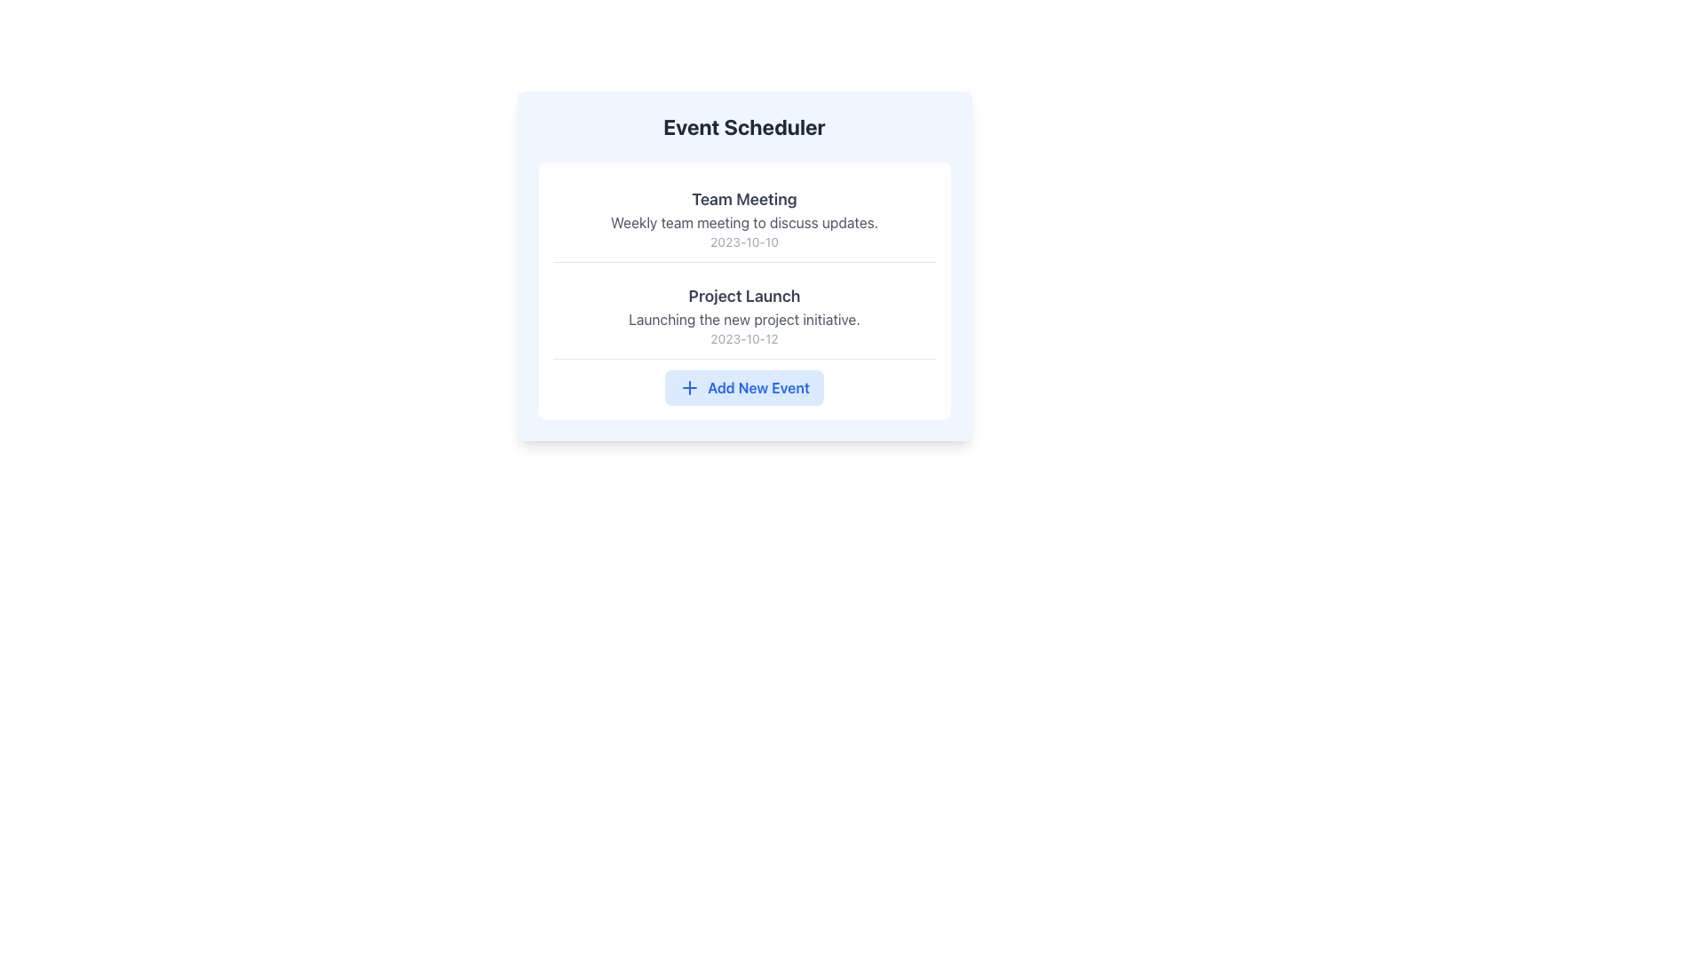  I want to click on the date label displaying '2023-10-12', which is aligned beneath the subtitle 'Launching the new project initiative' in the 'Project Launch' section, so click(744, 338).